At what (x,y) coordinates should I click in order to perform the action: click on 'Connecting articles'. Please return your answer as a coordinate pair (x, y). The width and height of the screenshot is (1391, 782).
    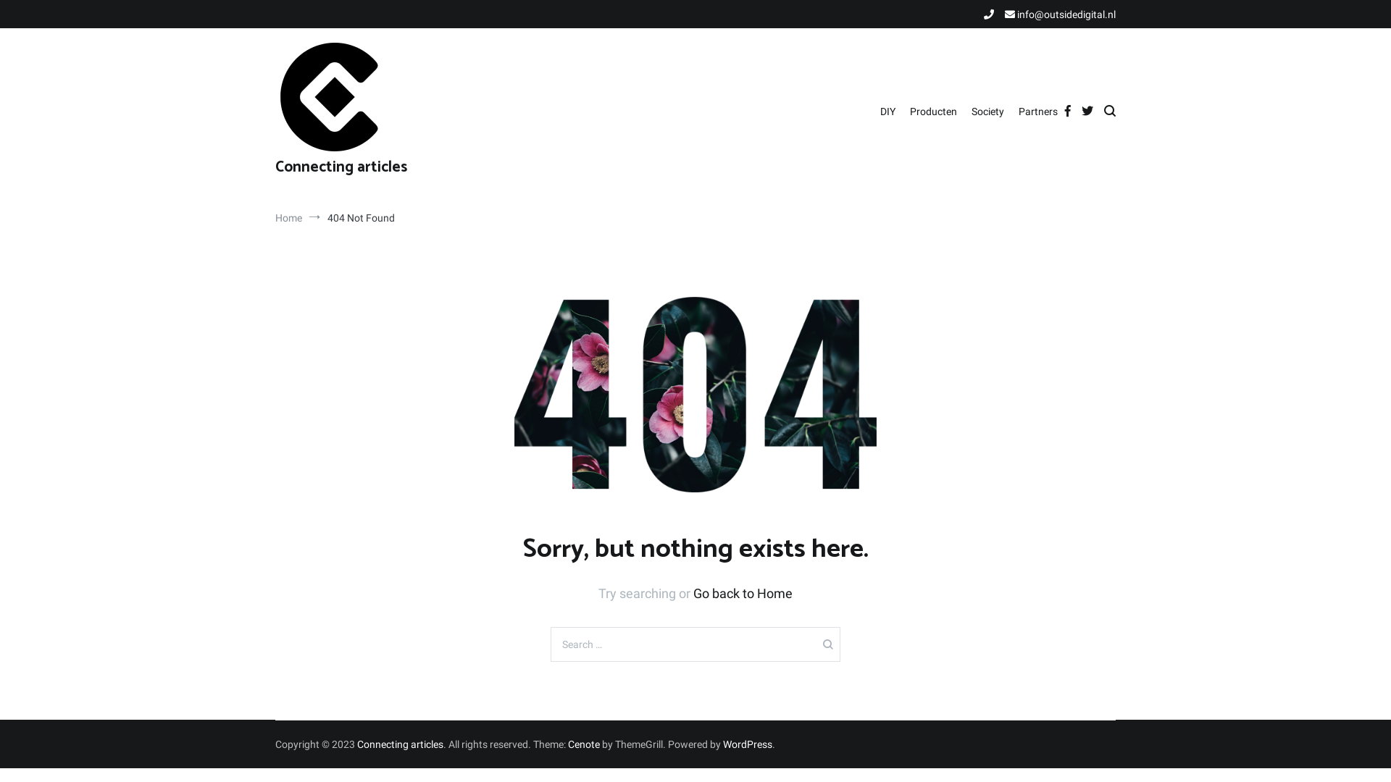
    Looking at the image, I should click on (400, 744).